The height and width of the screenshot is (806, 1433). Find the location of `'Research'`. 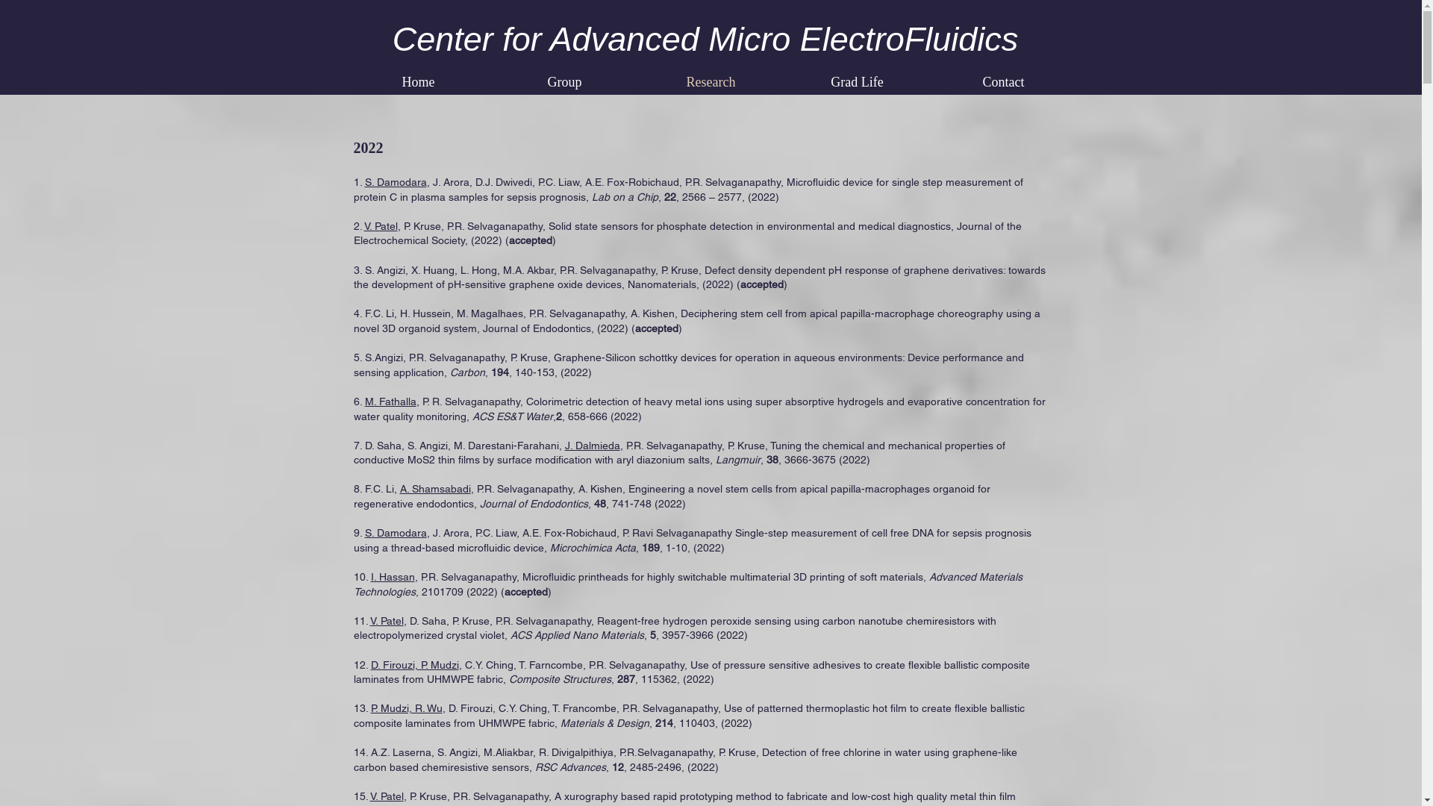

'Research' is located at coordinates (709, 82).